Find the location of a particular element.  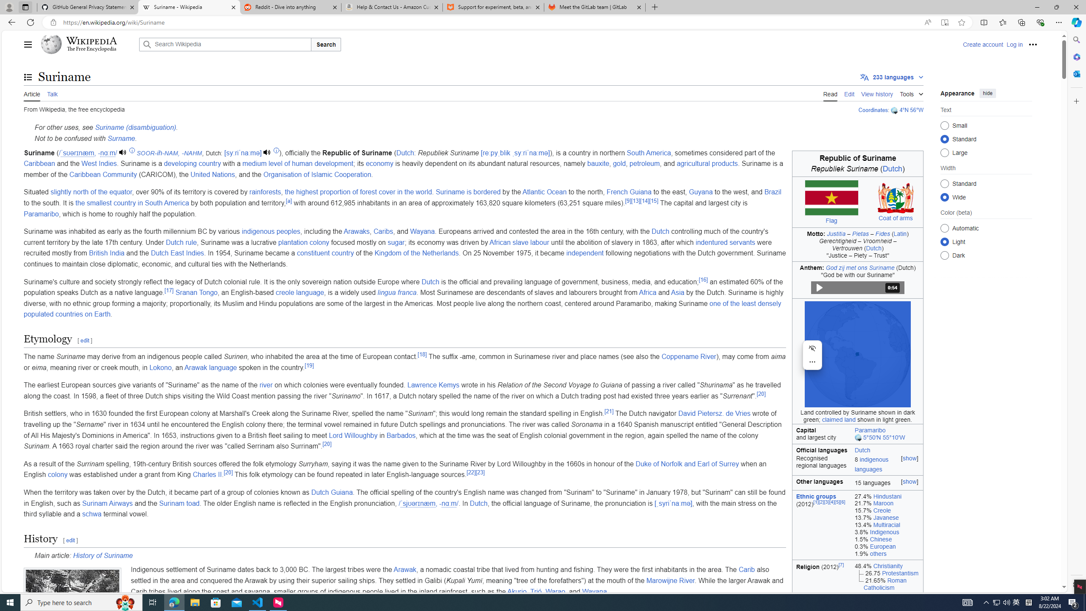

'African slave labour' is located at coordinates (519, 242).